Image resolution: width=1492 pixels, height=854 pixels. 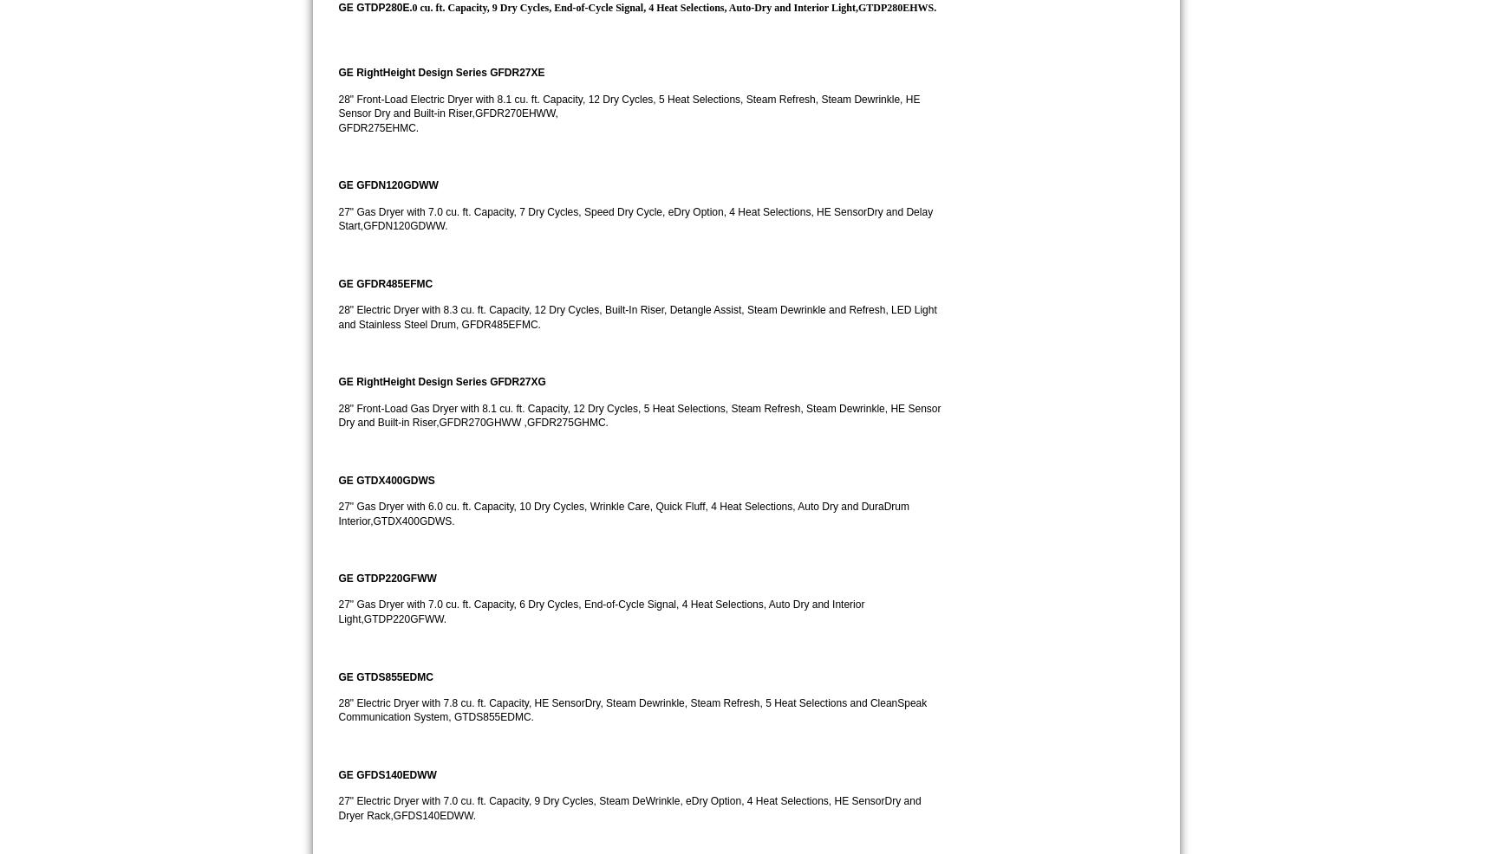 What do you see at coordinates (672, 6) in the screenshot?
I see `'.0 cu. ft. Capacity, 9 Dry Cycles, End-of-Cycle Signal, 4 Heat Selections, Auto-Dry and Interior Light,GTDP280EHWS.'` at bounding box center [672, 6].